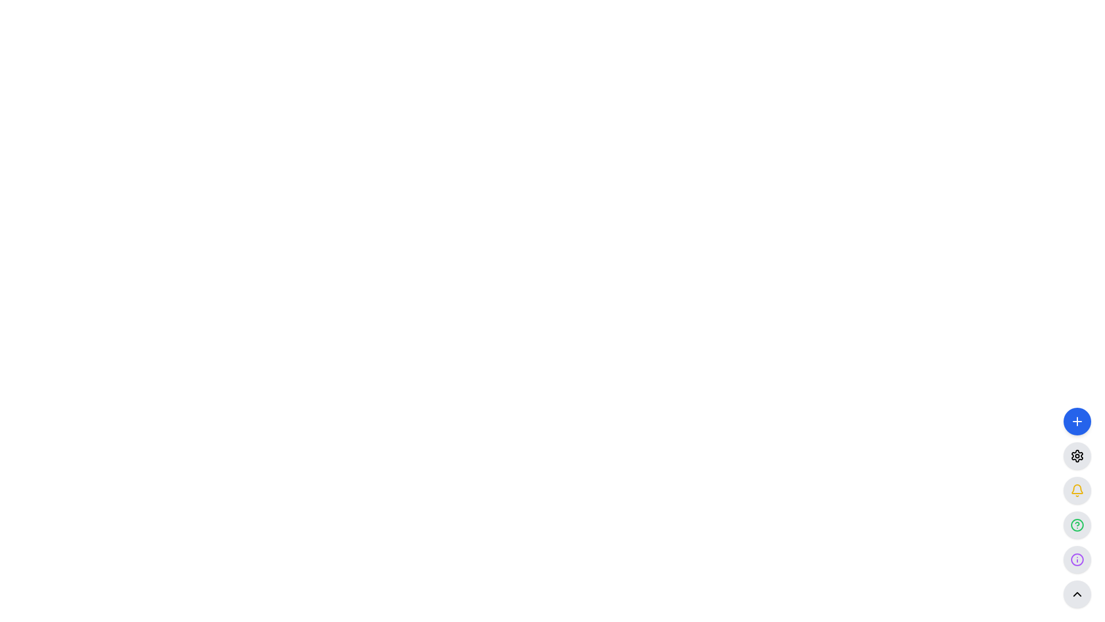  Describe the element at coordinates (1077, 455) in the screenshot. I see `the gear-shaped icon button located second from the top` at that location.